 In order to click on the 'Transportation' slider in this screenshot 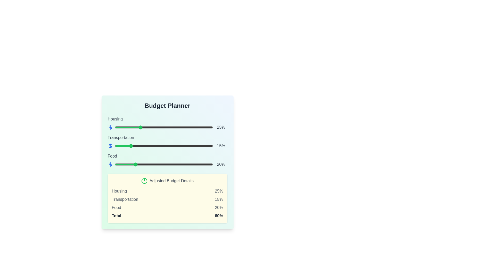, I will do `click(130, 146)`.